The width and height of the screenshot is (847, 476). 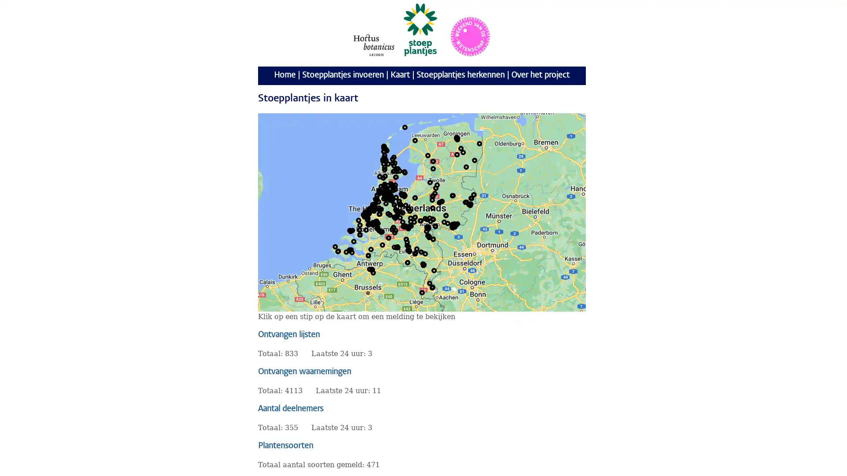 What do you see at coordinates (435, 225) in the screenshot?
I see `Telling van Mevr. M.A de Wit op 13 juni 2022` at bounding box center [435, 225].